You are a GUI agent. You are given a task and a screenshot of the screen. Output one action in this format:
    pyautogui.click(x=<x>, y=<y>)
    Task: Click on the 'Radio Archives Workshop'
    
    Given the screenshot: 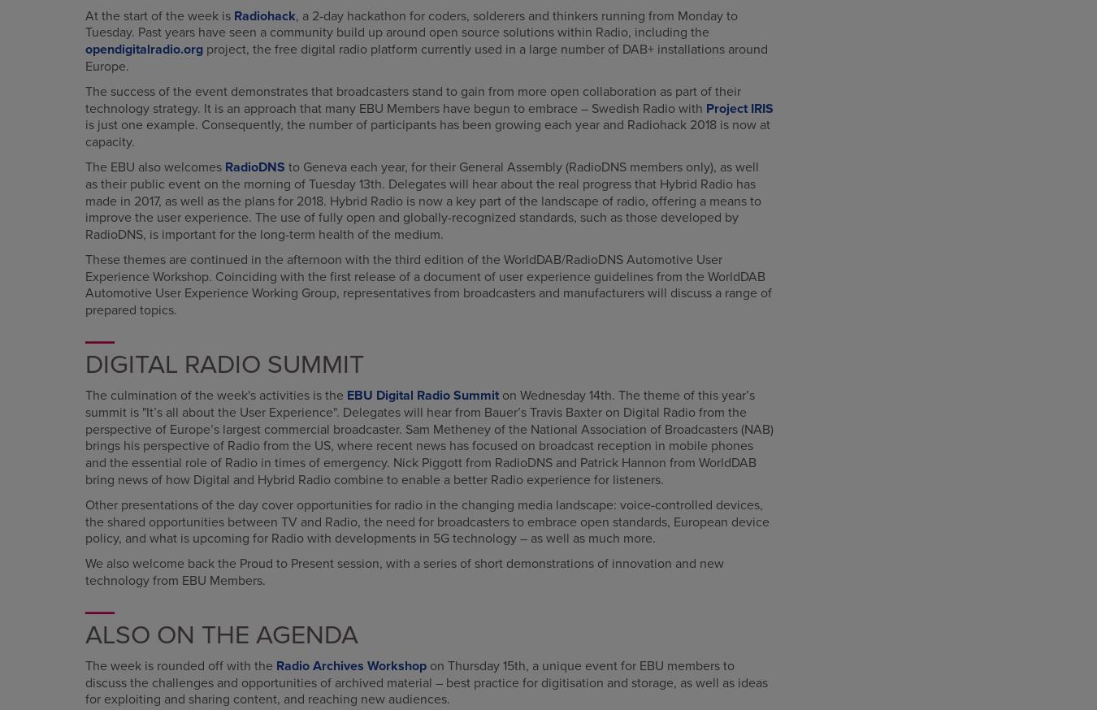 What is the action you would take?
    pyautogui.click(x=351, y=665)
    